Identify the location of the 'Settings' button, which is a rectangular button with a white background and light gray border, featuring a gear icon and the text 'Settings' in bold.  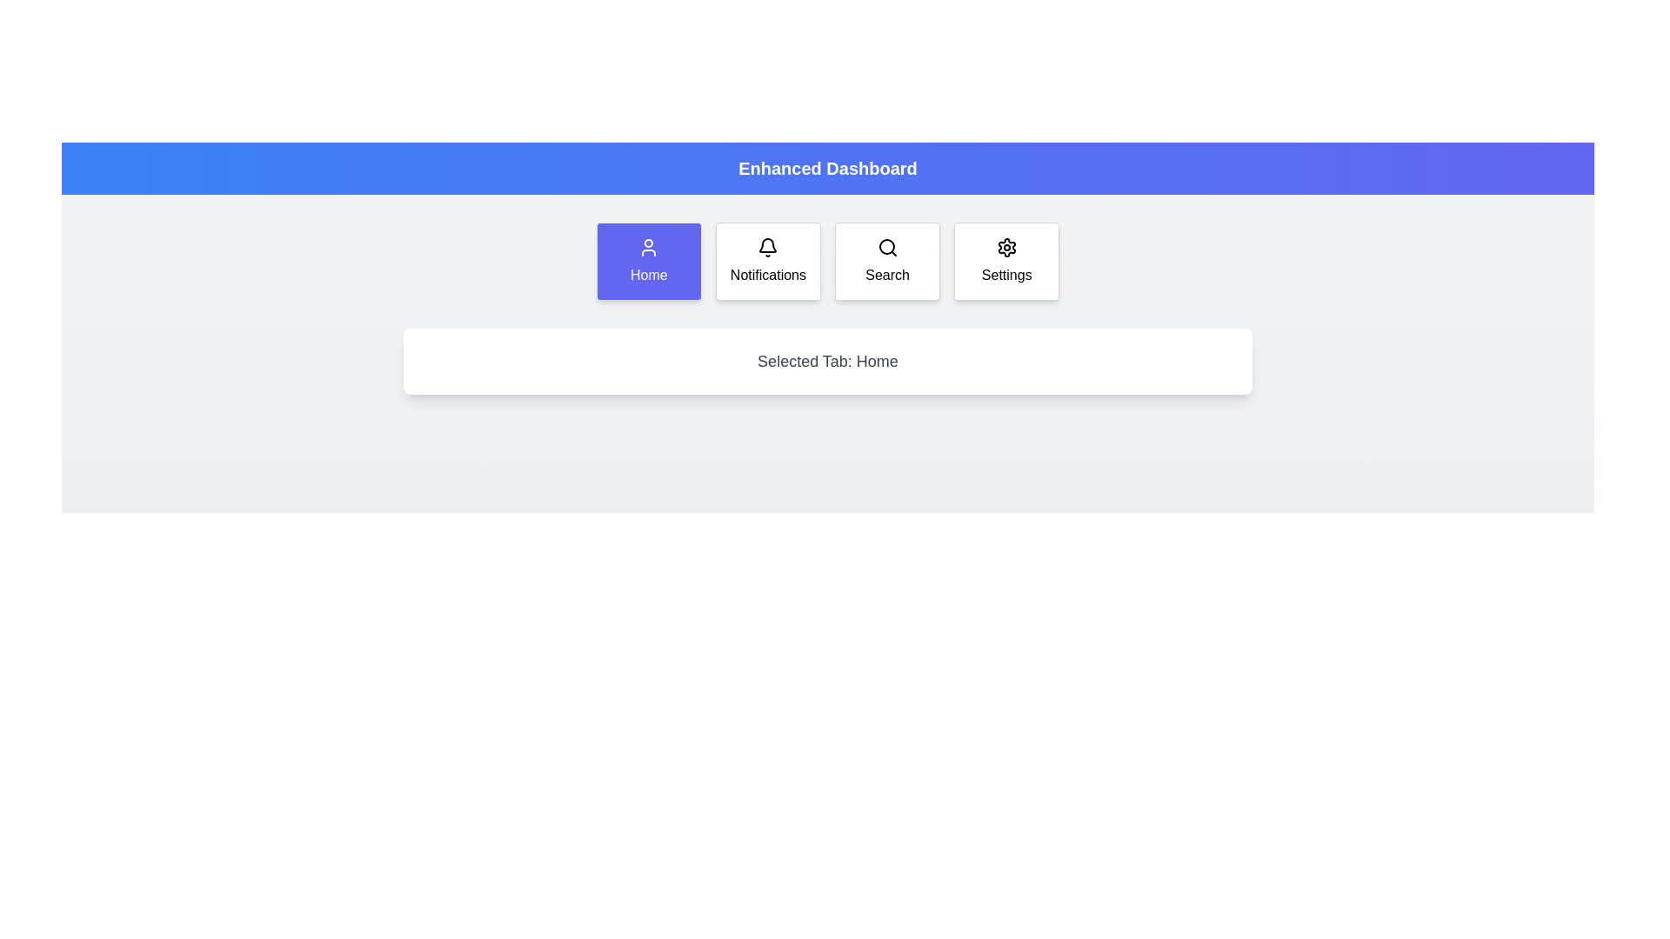
(1006, 261).